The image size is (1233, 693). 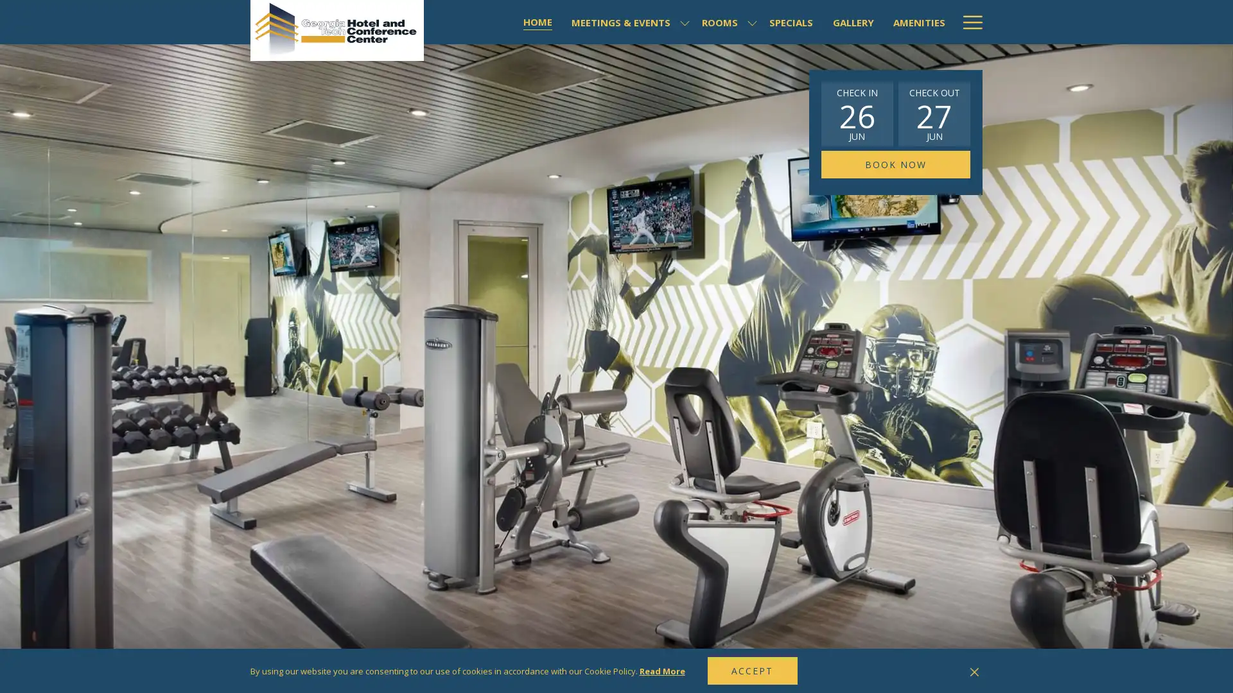 I want to click on Pause slideshow, so click(x=959, y=671).